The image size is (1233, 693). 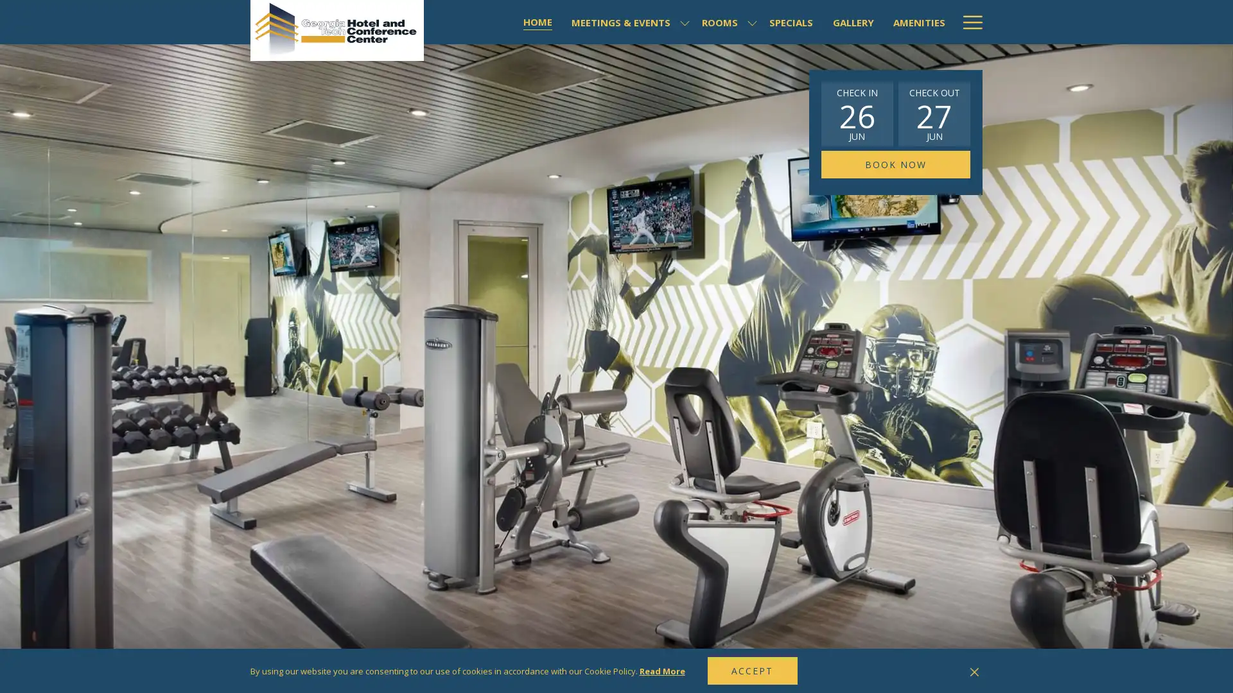 I want to click on Pause slideshow, so click(x=959, y=671).